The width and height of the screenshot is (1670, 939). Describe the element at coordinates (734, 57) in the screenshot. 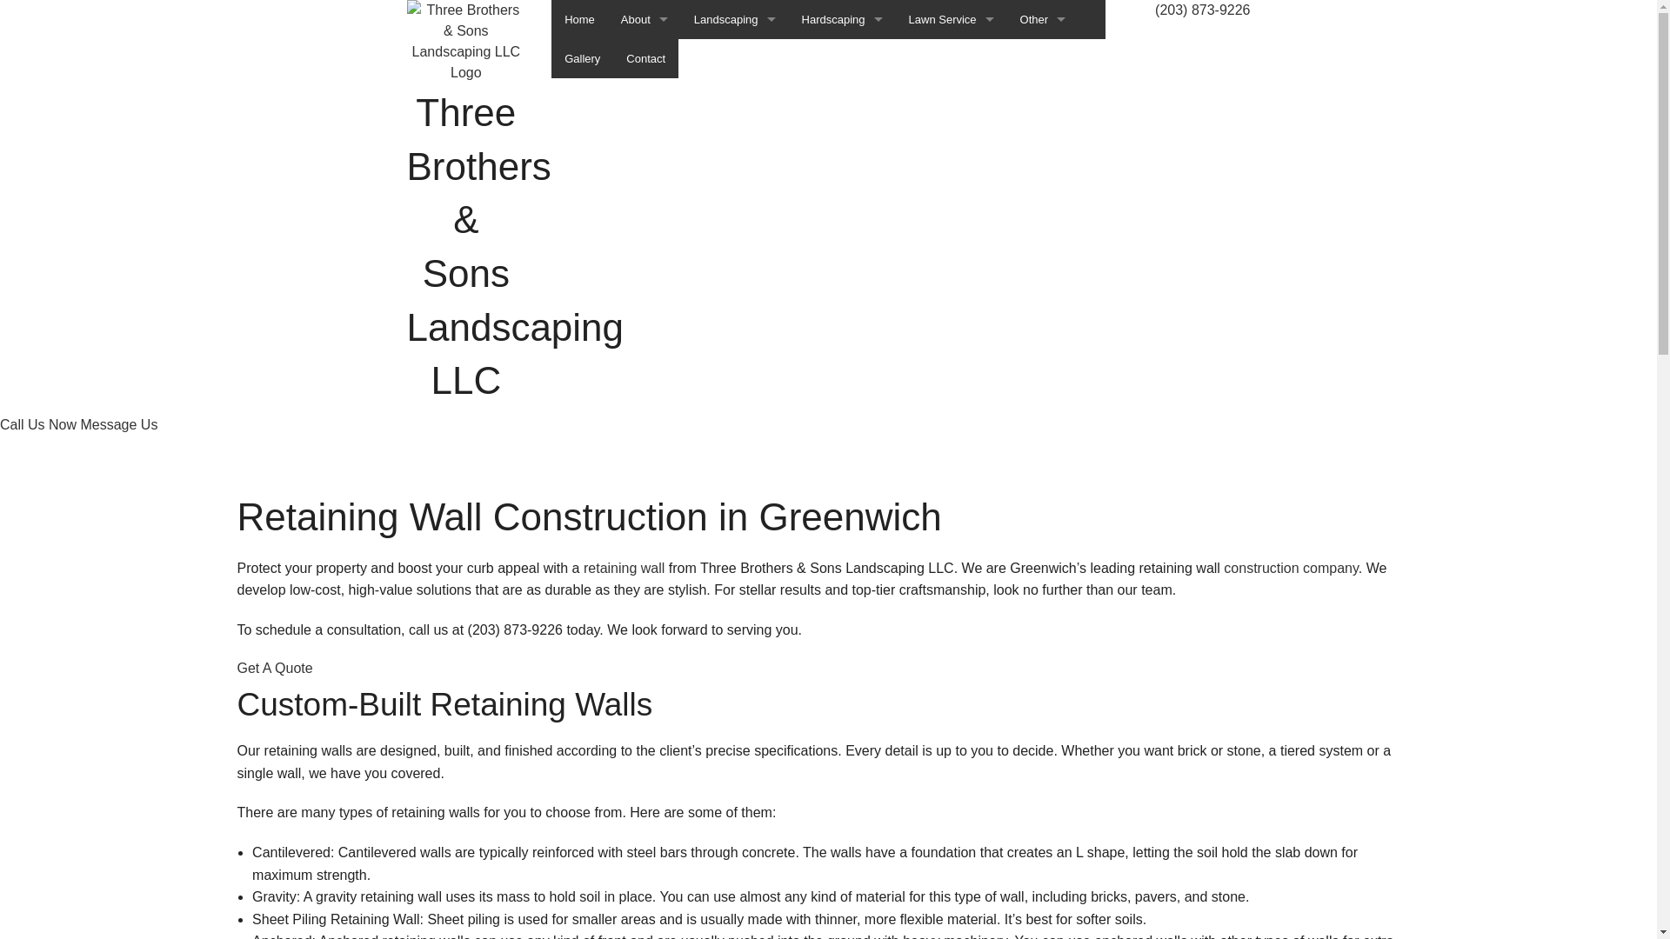

I see `'Gardening Services'` at that location.